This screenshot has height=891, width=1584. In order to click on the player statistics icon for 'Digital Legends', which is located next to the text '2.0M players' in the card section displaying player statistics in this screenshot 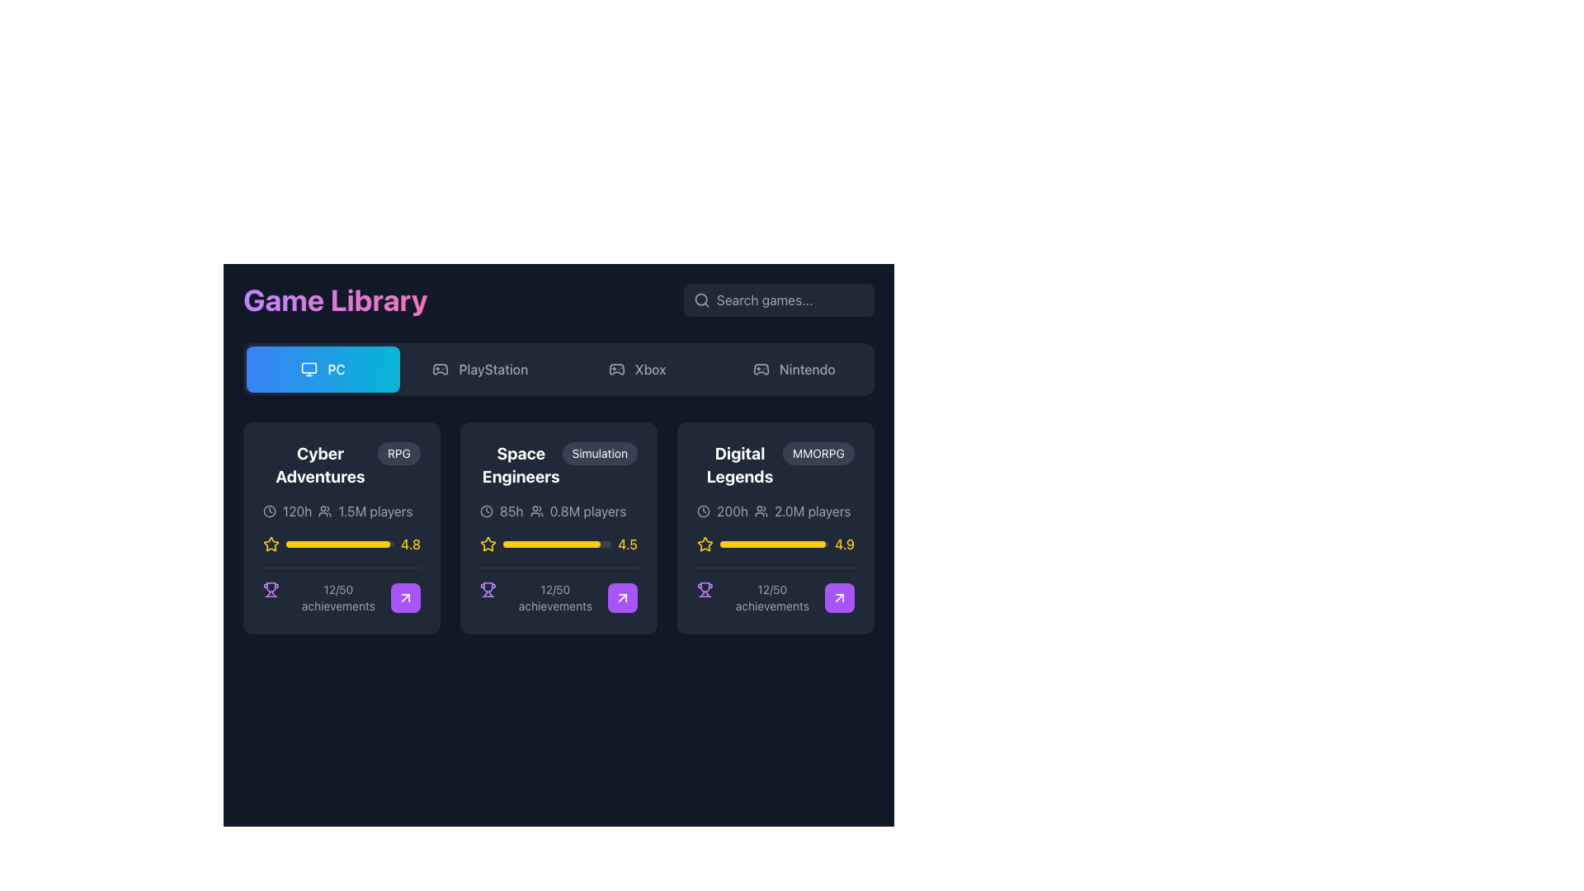, I will do `click(760, 511)`.